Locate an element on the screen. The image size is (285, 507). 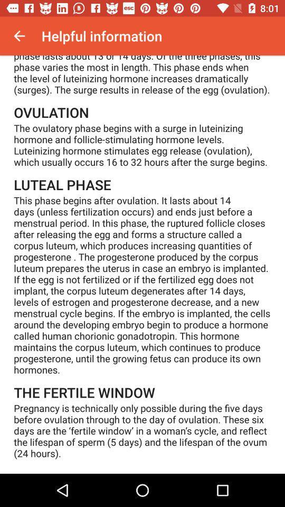
the app to the left of the helpful information item is located at coordinates (19, 36).